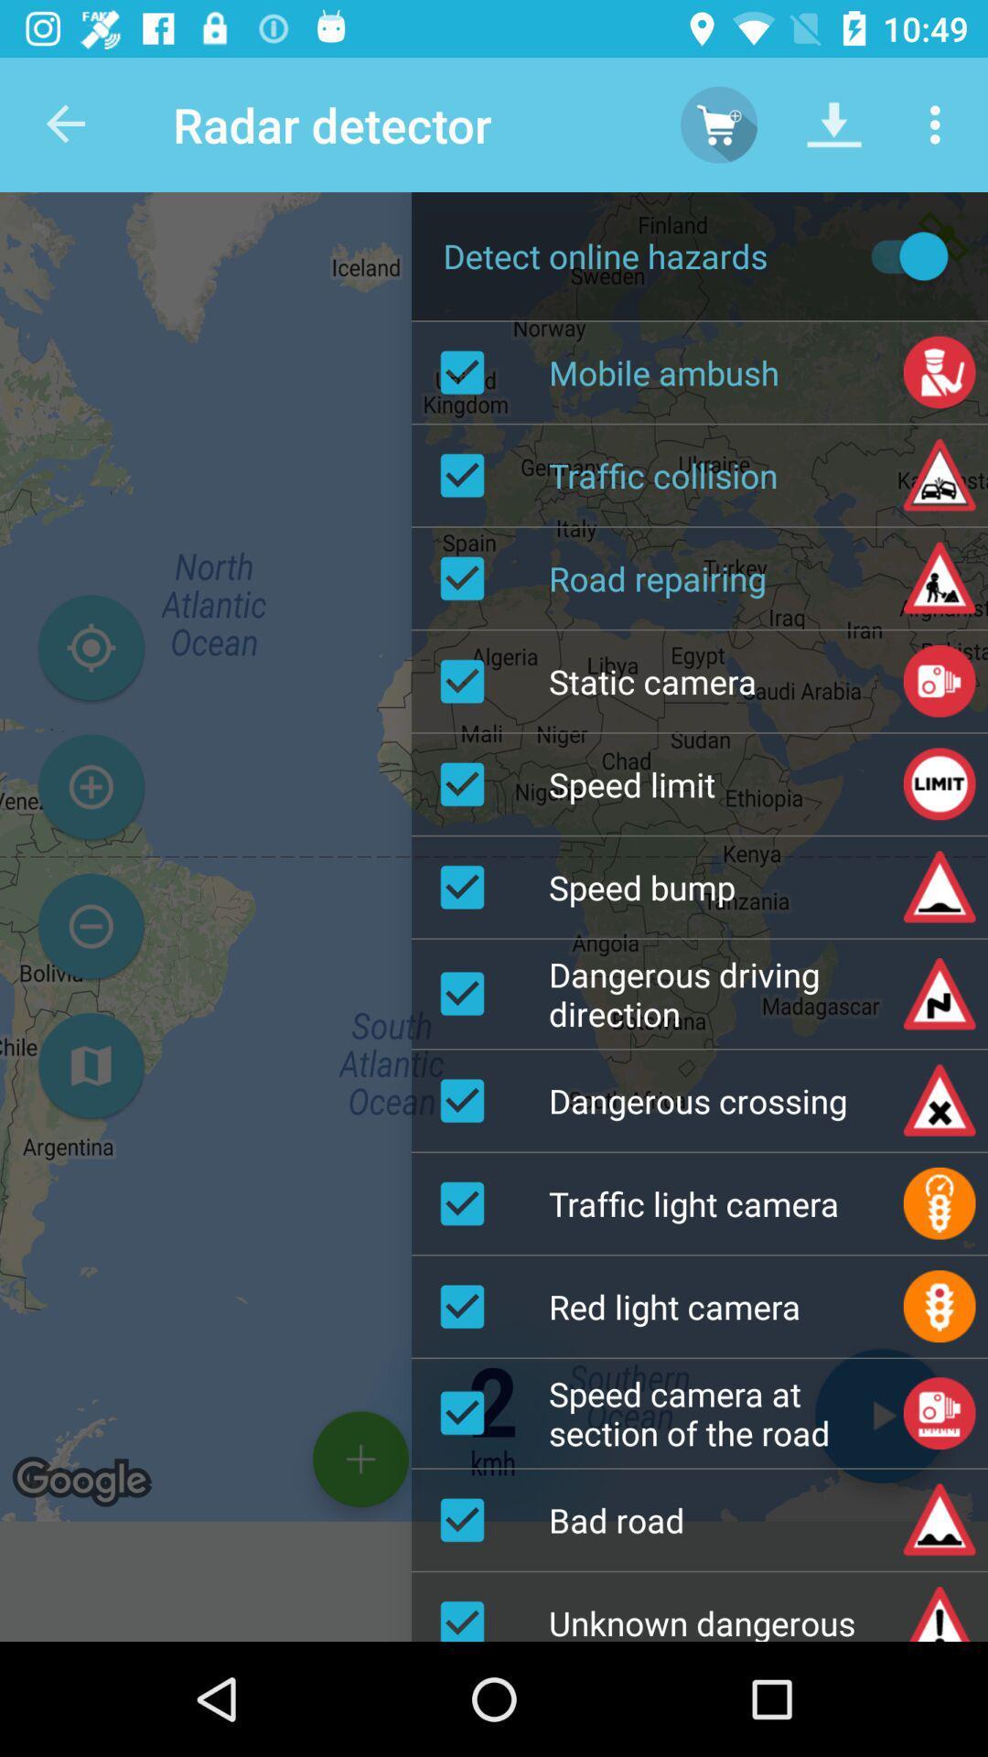  What do you see at coordinates (91, 787) in the screenshot?
I see `the add icon` at bounding box center [91, 787].